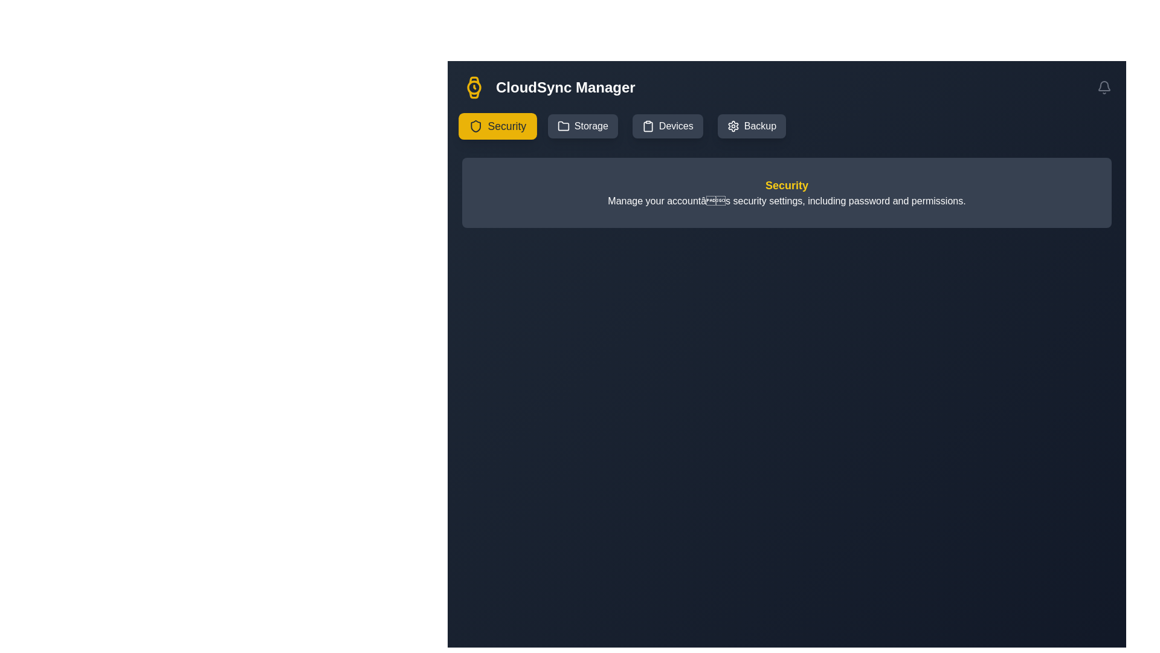 This screenshot has height=653, width=1160. I want to click on the decorative vector graphic element that is part of the watch icon located in the top-left region of the interface, so click(473, 80).